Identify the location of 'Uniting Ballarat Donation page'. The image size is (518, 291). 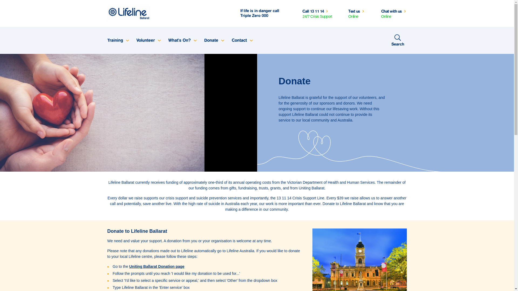
(156, 266).